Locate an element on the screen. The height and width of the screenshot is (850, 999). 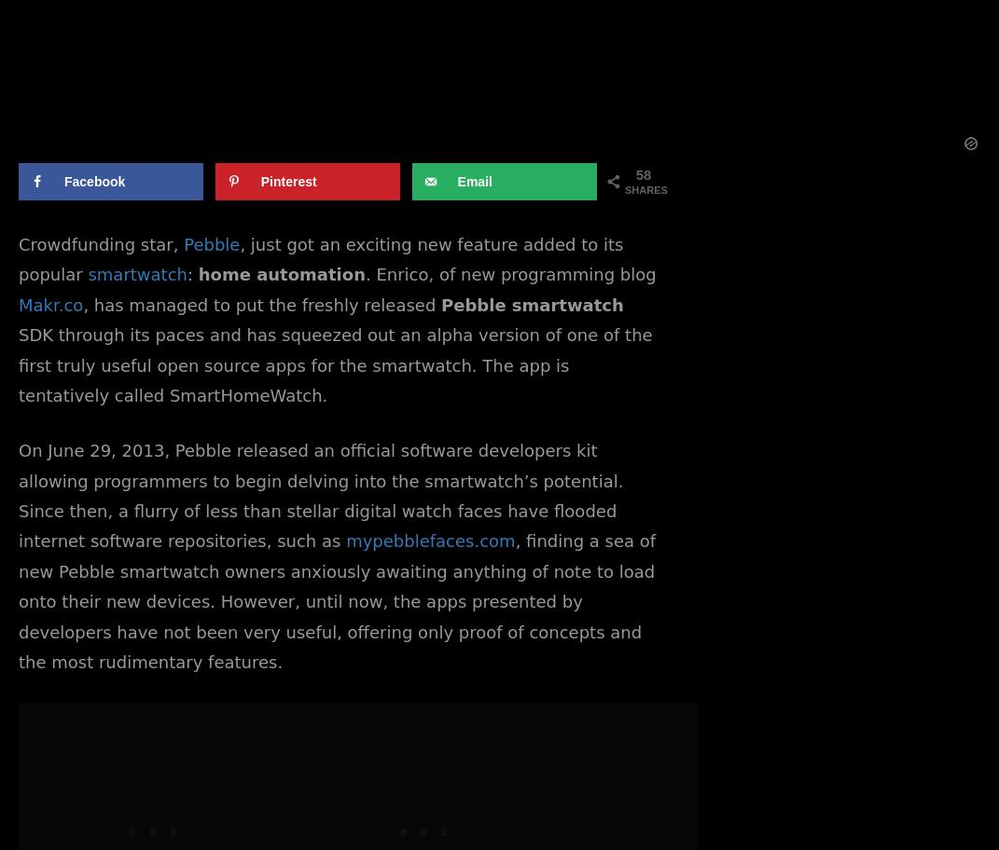
':' is located at coordinates (190, 273).